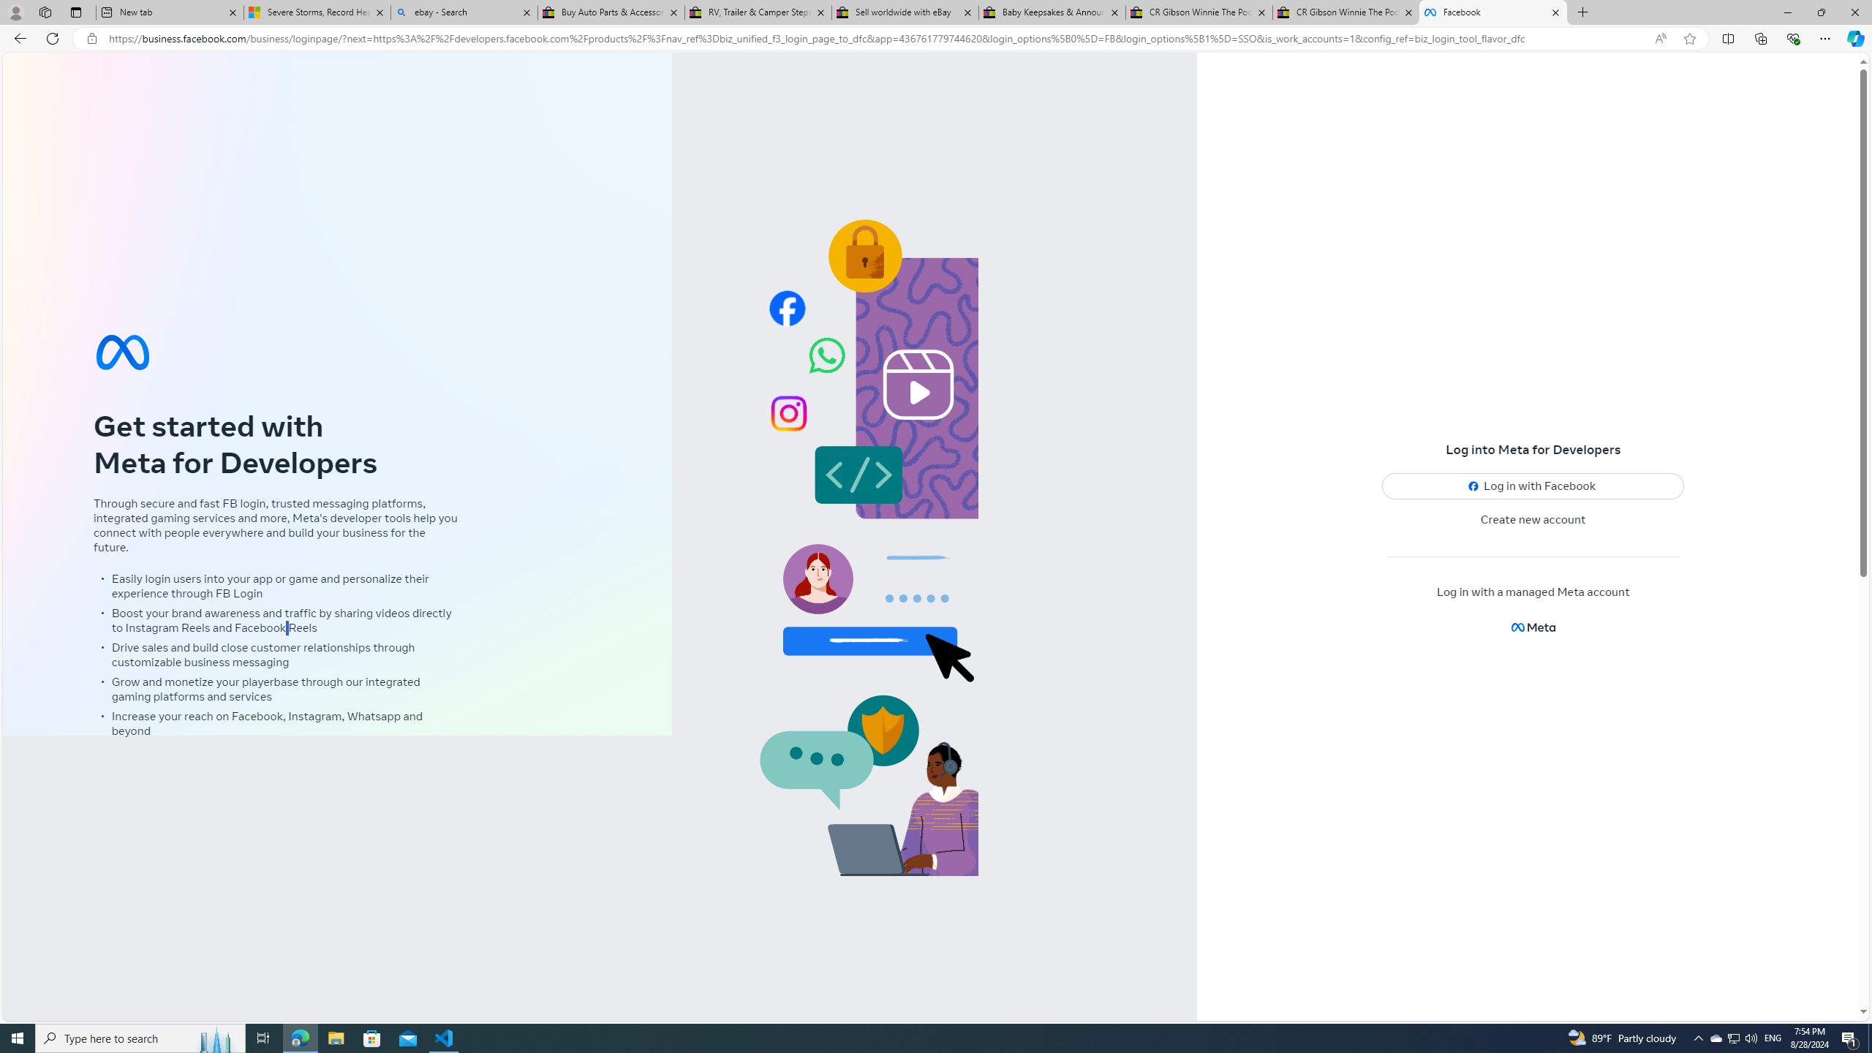  What do you see at coordinates (1533, 520) in the screenshot?
I see `'Create new account'` at bounding box center [1533, 520].